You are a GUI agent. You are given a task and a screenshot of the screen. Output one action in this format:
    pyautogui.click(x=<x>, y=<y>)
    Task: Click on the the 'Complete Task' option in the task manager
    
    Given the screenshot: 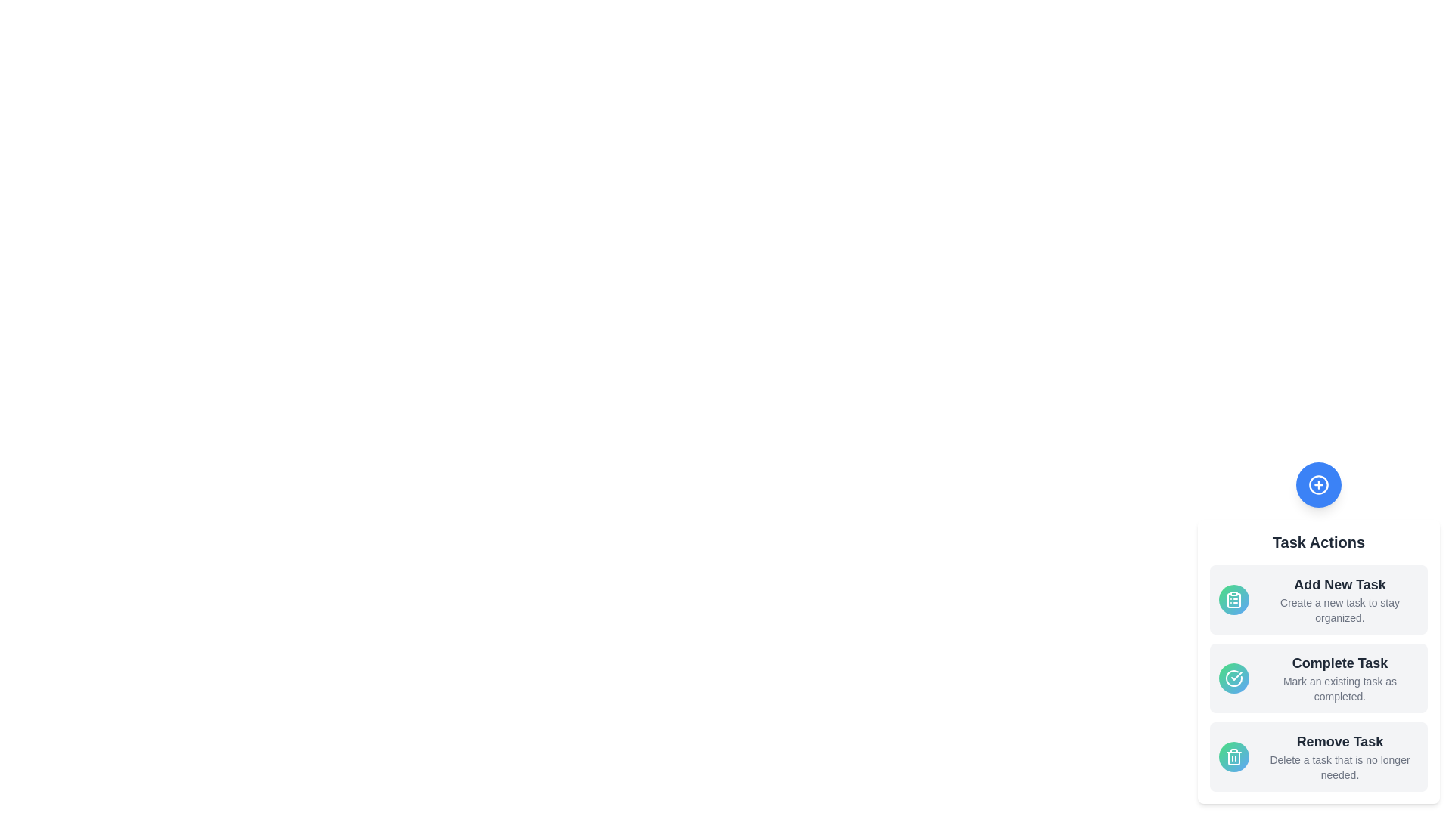 What is the action you would take?
    pyautogui.click(x=1317, y=678)
    